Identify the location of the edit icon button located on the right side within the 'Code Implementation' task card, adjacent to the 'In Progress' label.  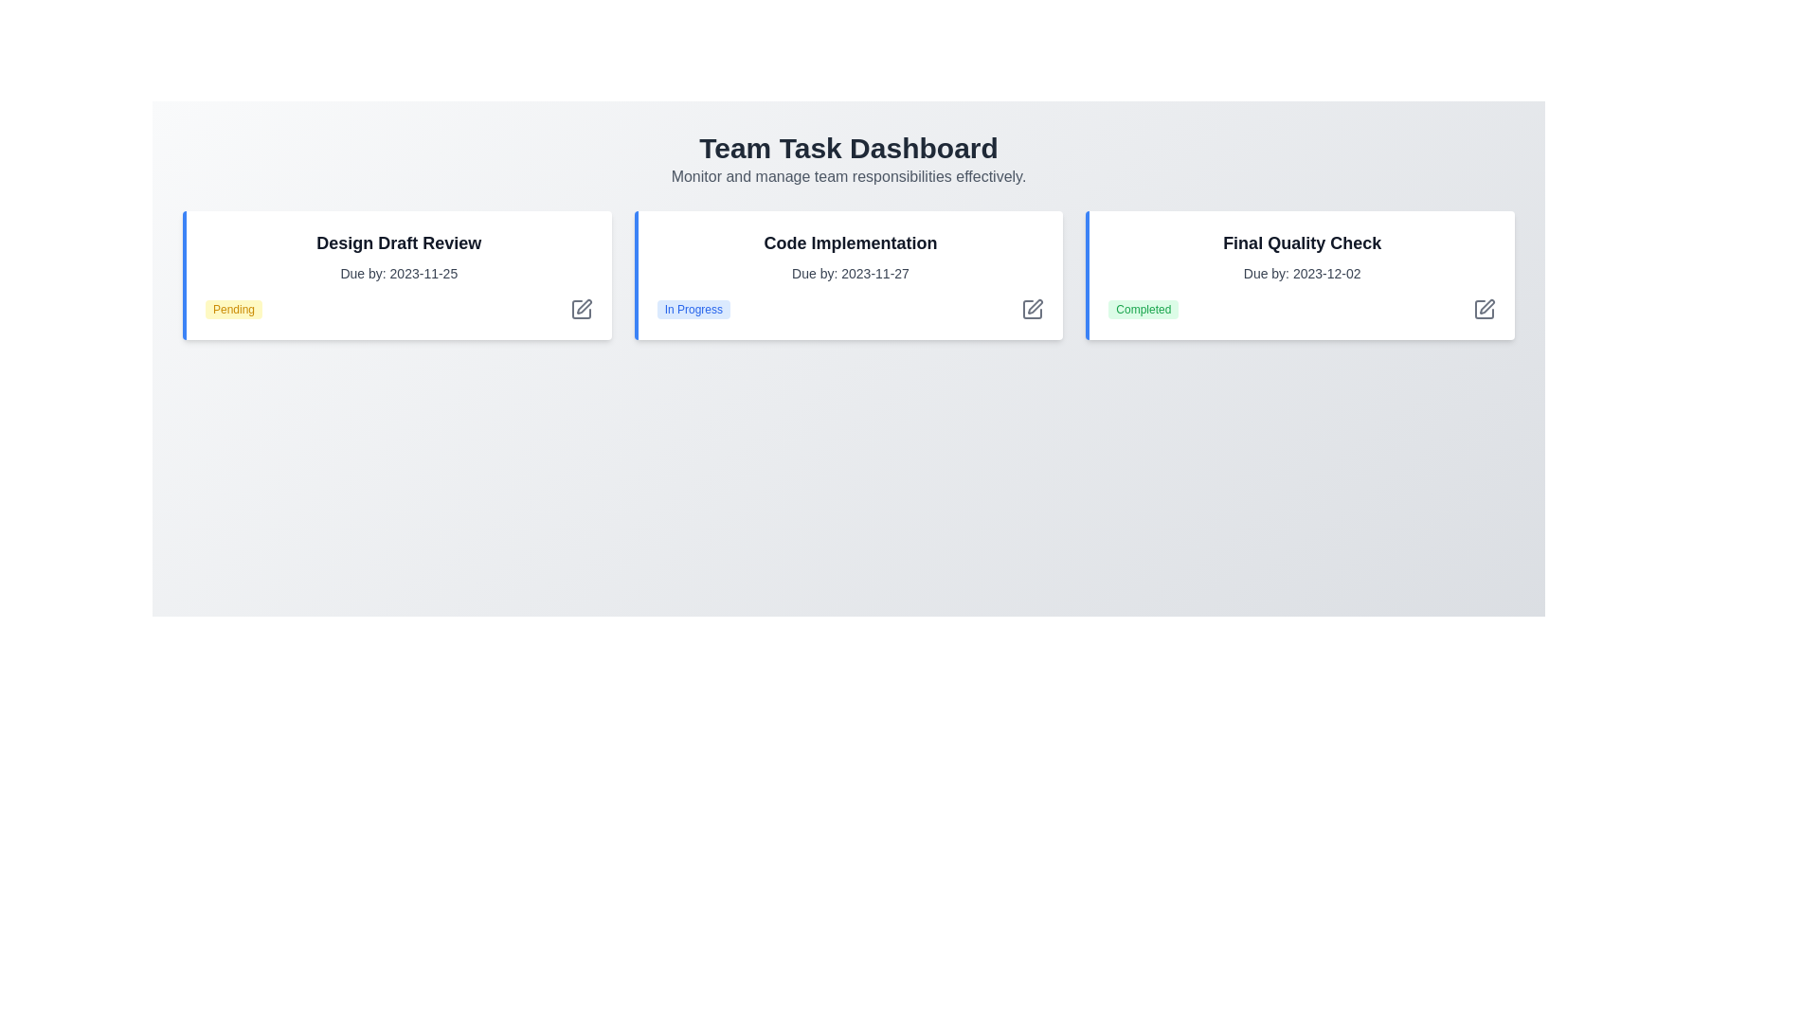
(1032, 309).